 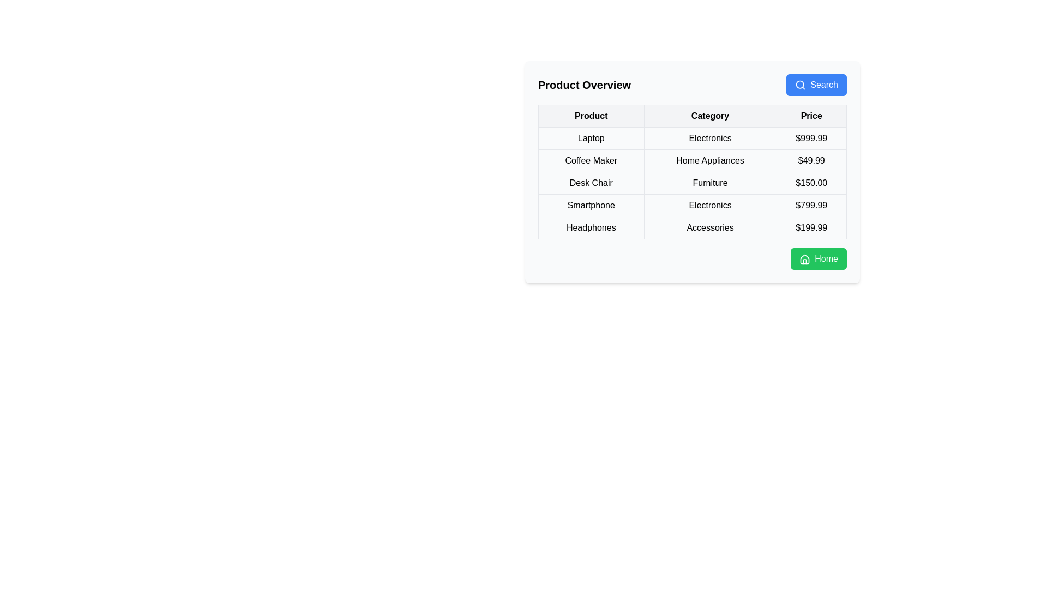 What do you see at coordinates (805, 259) in the screenshot?
I see `the 'Home' button icon located at the bottom-right corner of the interface, which visually represents navigation to the home page` at bounding box center [805, 259].